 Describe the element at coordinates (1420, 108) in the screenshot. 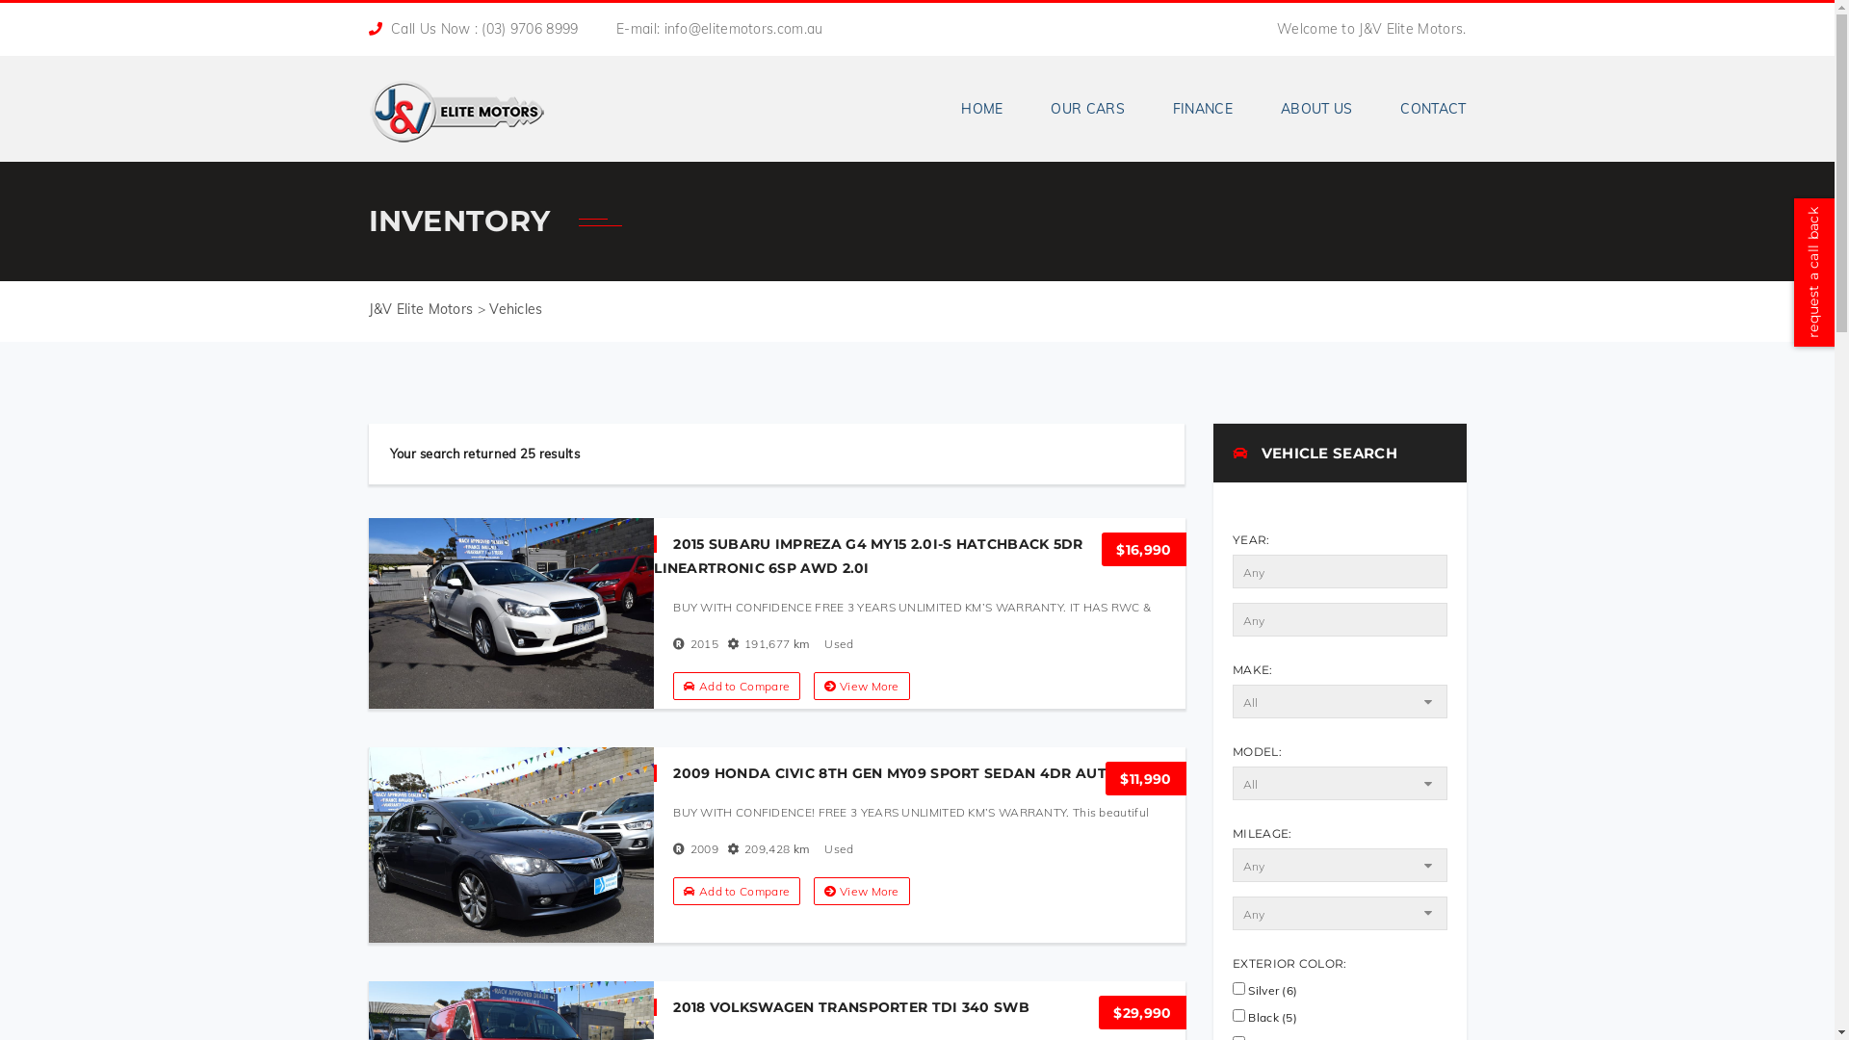

I see `'CONTACT'` at that location.